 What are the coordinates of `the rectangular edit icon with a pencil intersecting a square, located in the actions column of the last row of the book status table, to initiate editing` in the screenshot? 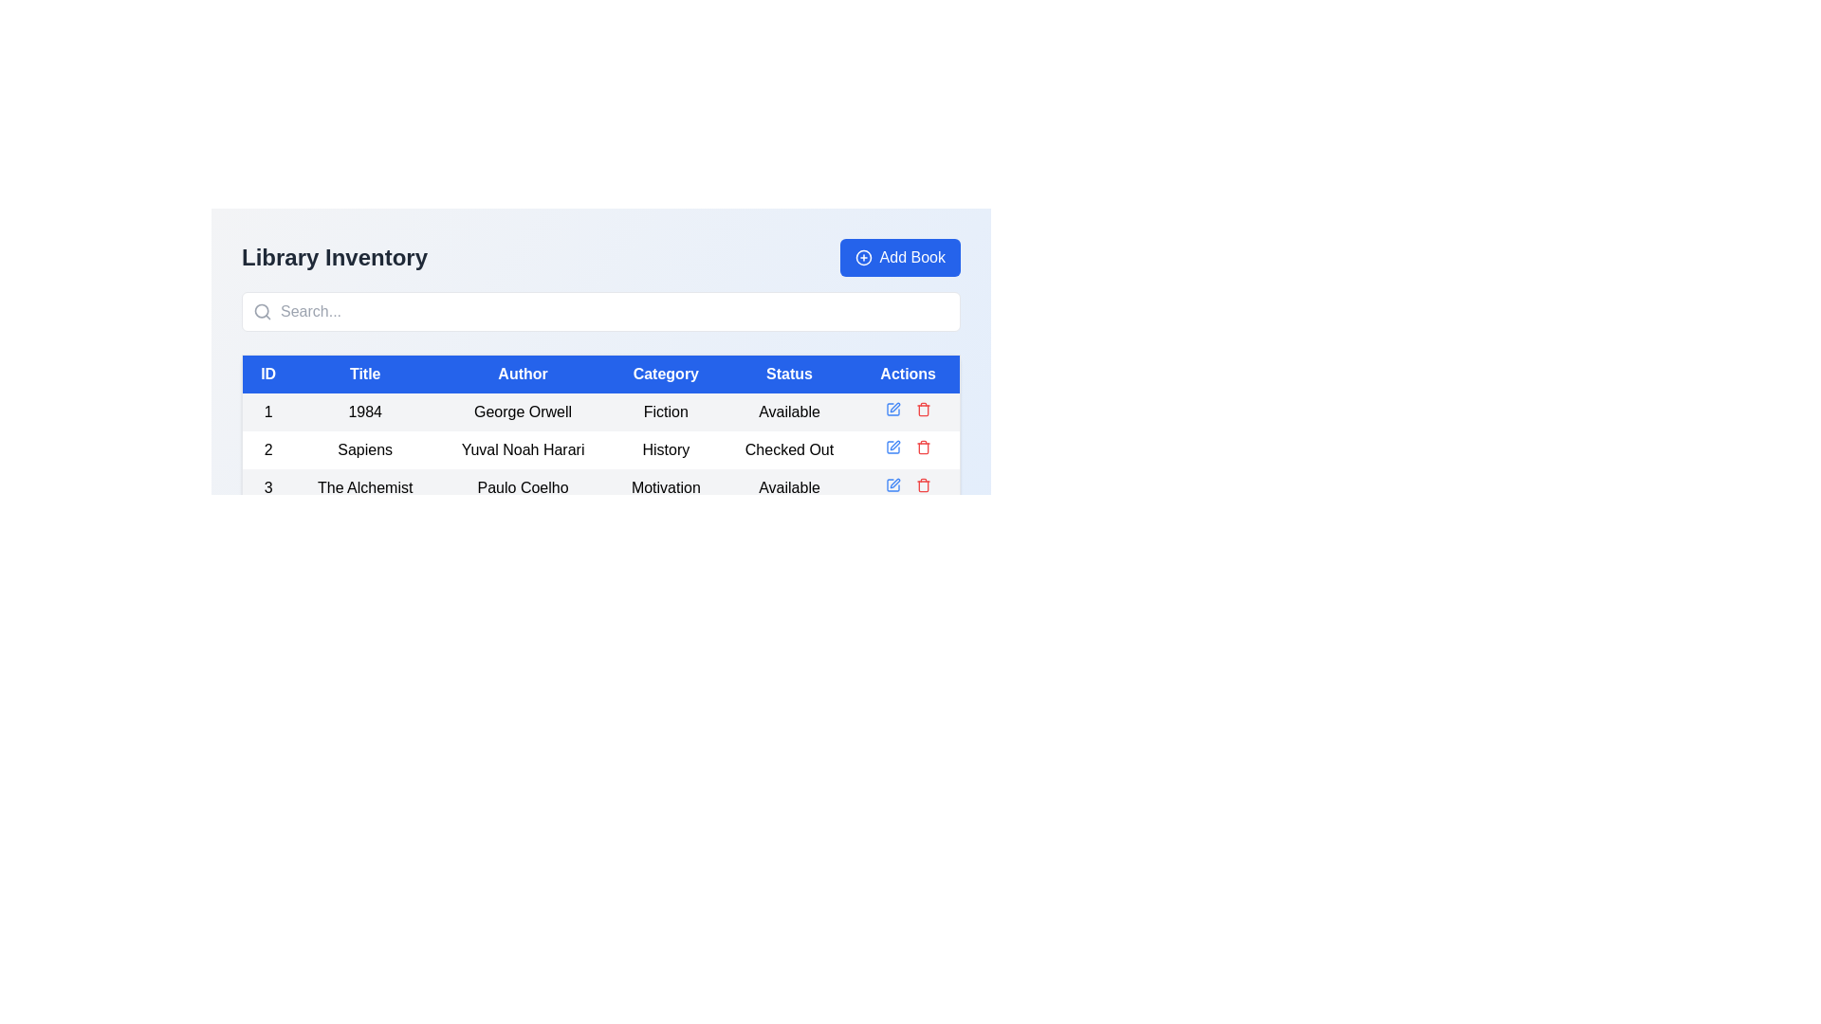 It's located at (892, 485).